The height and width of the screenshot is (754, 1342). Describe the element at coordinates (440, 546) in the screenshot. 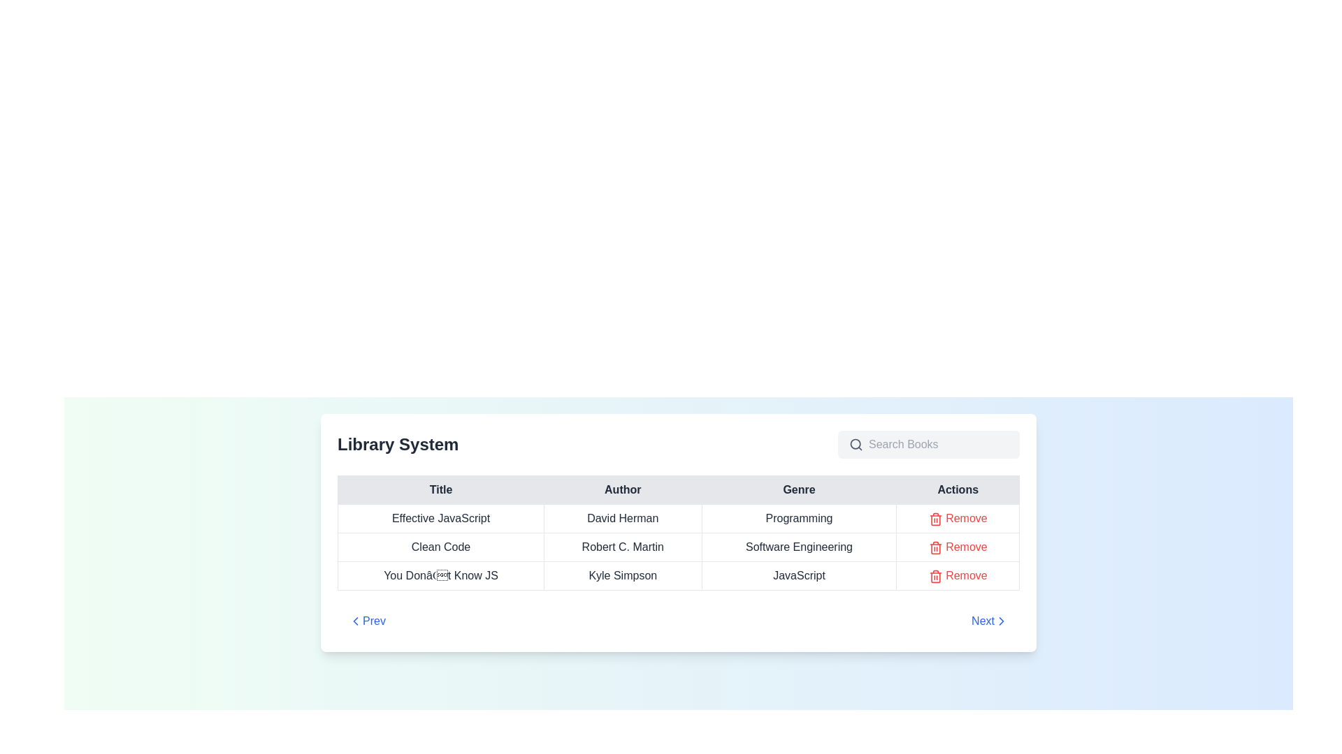

I see `text label indicating the book title 'Clean Code', which is positioned in the second row of the table under the 'Title' column` at that location.